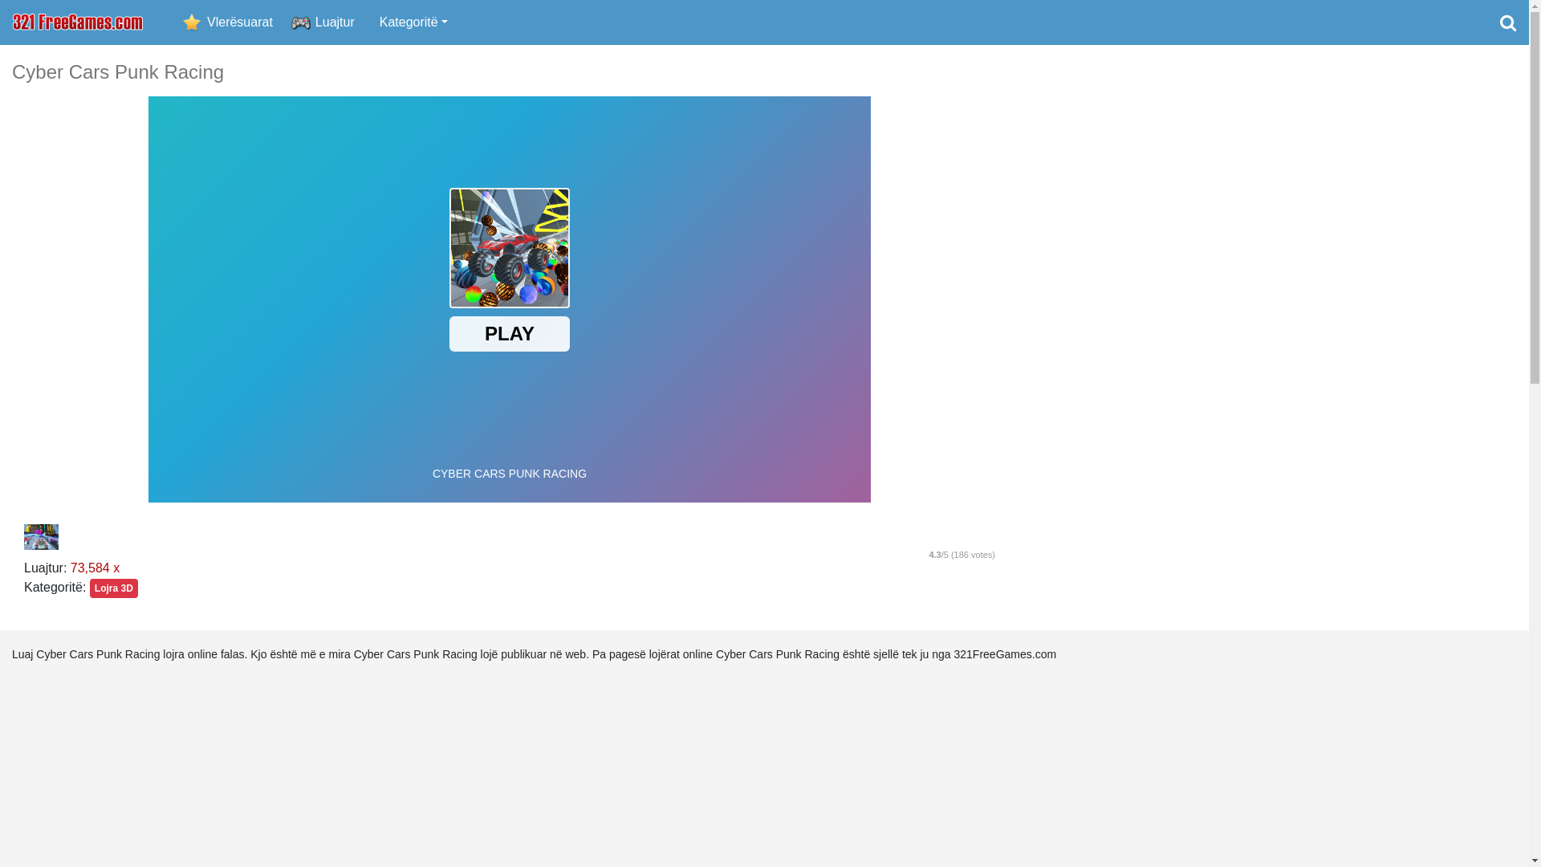  What do you see at coordinates (982, 535) in the screenshot?
I see `'5'` at bounding box center [982, 535].